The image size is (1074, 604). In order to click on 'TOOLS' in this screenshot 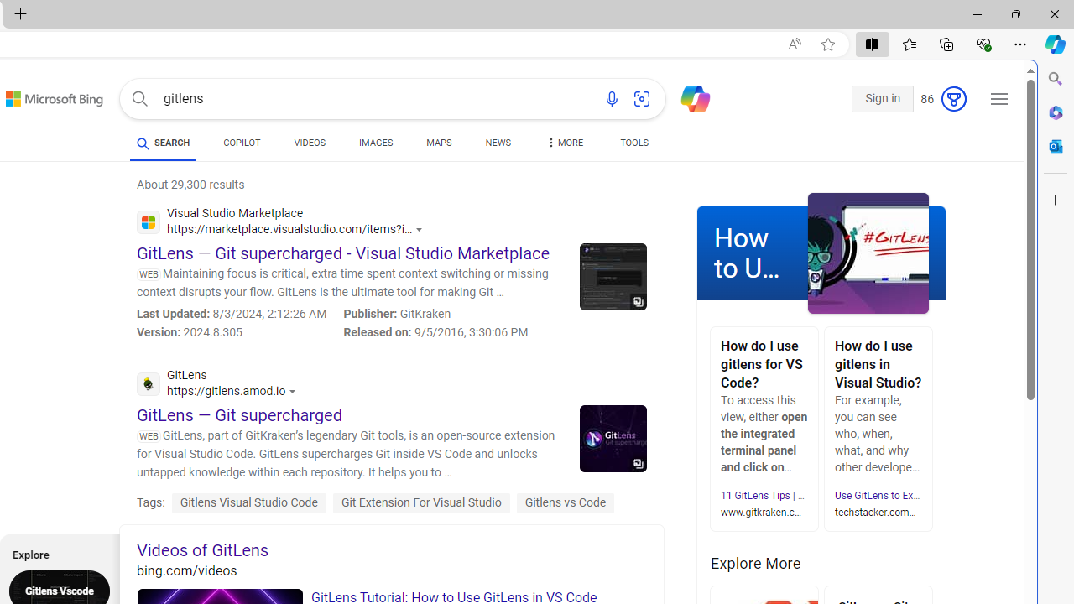, I will do `click(633, 143)`.